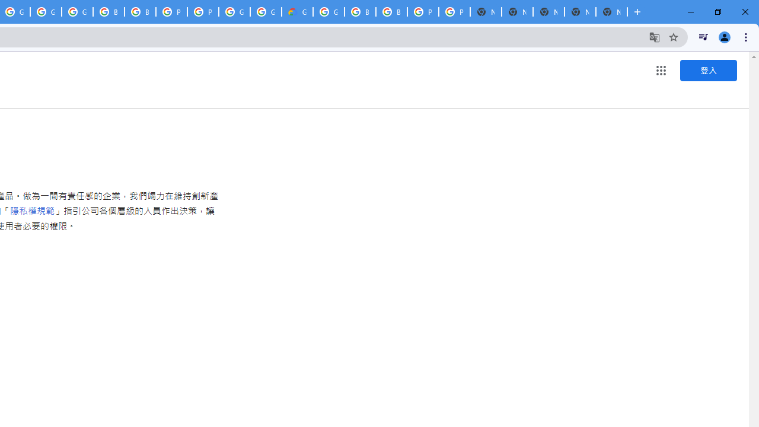  What do you see at coordinates (109, 12) in the screenshot?
I see `'Browse Chrome as a guest - Computer - Google Chrome Help'` at bounding box center [109, 12].